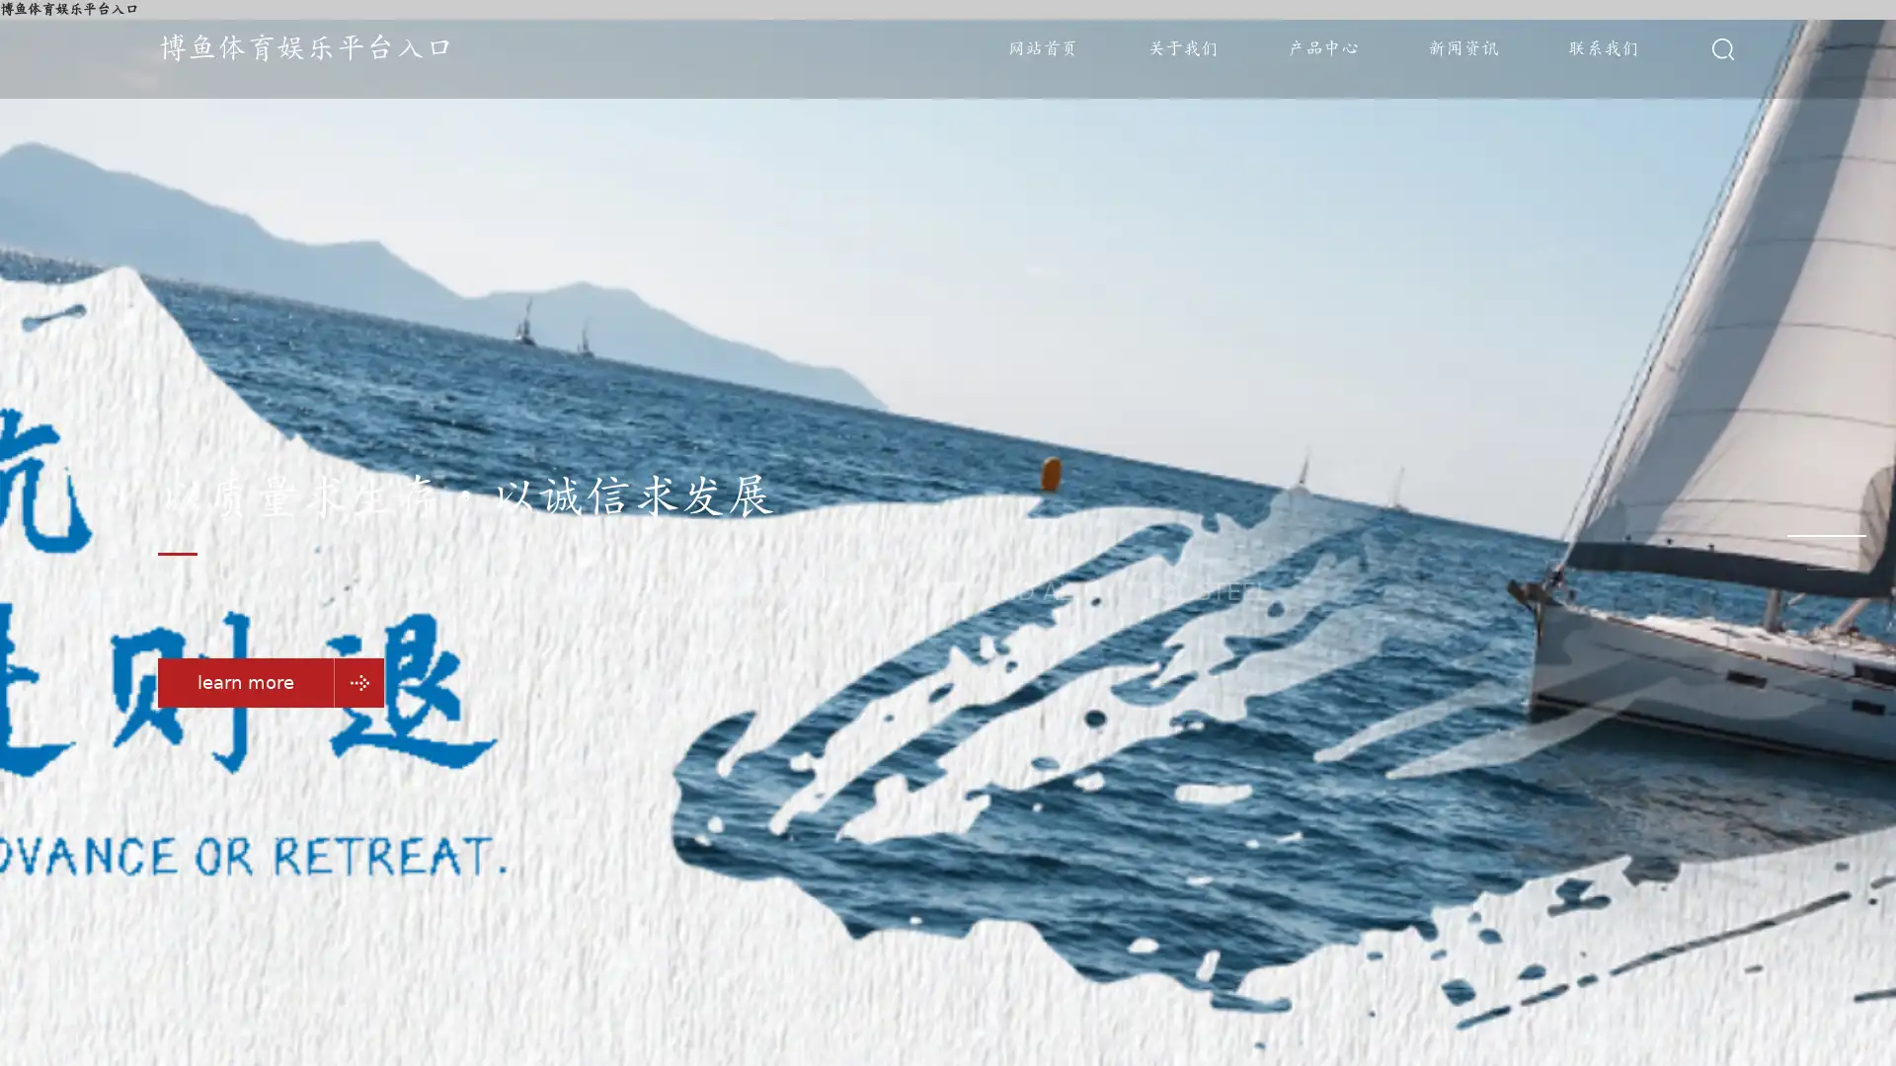  What do you see at coordinates (1825, 570) in the screenshot?
I see `Go to slide 3` at bounding box center [1825, 570].